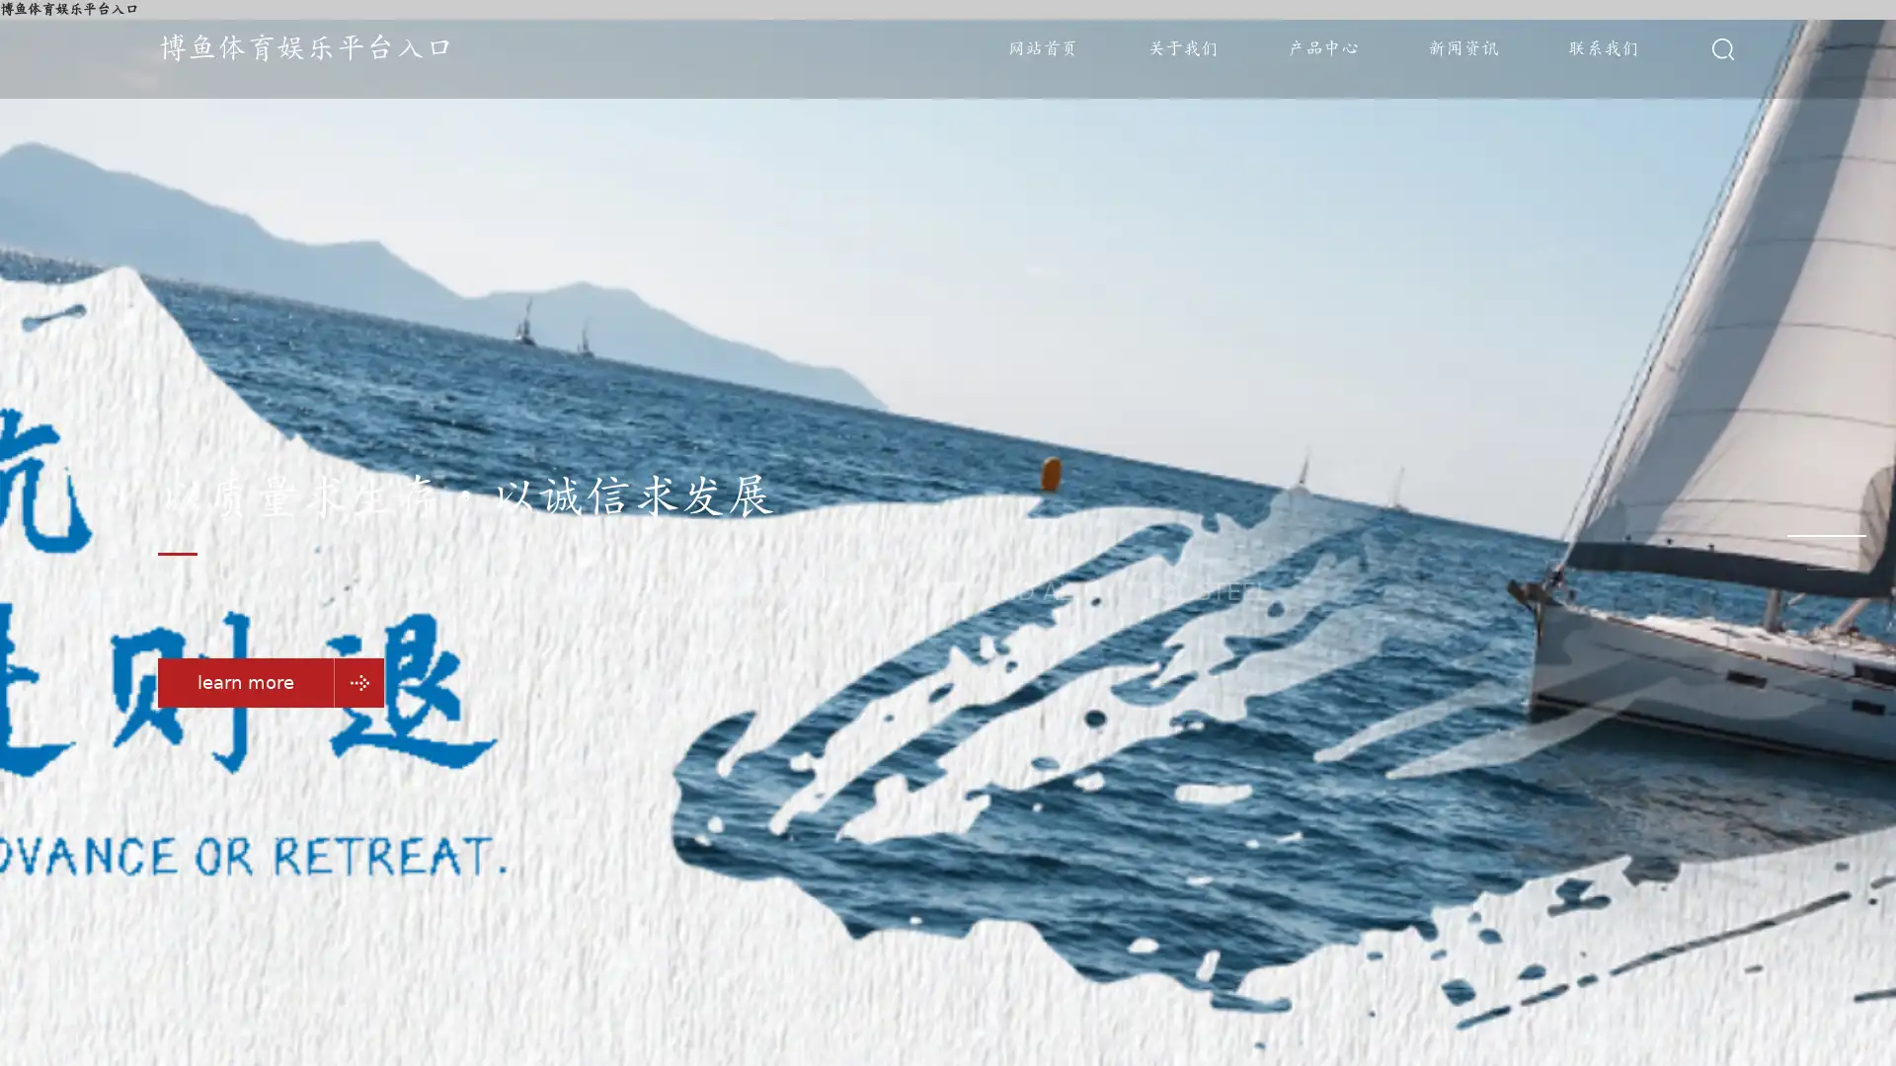  What do you see at coordinates (1825, 570) in the screenshot?
I see `Go to slide 3` at bounding box center [1825, 570].